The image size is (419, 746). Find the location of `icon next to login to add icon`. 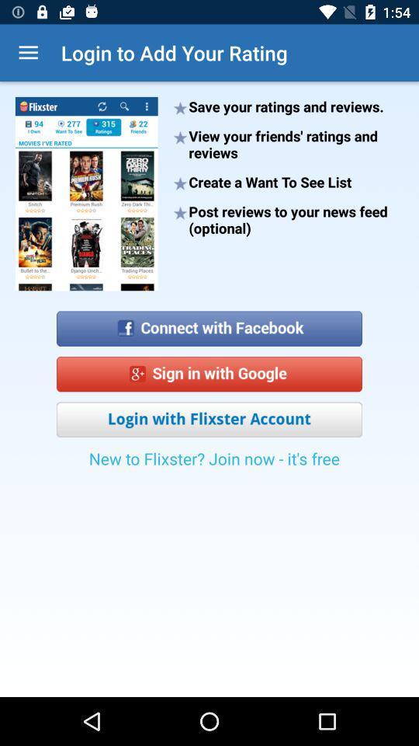

icon next to login to add icon is located at coordinates (28, 53).